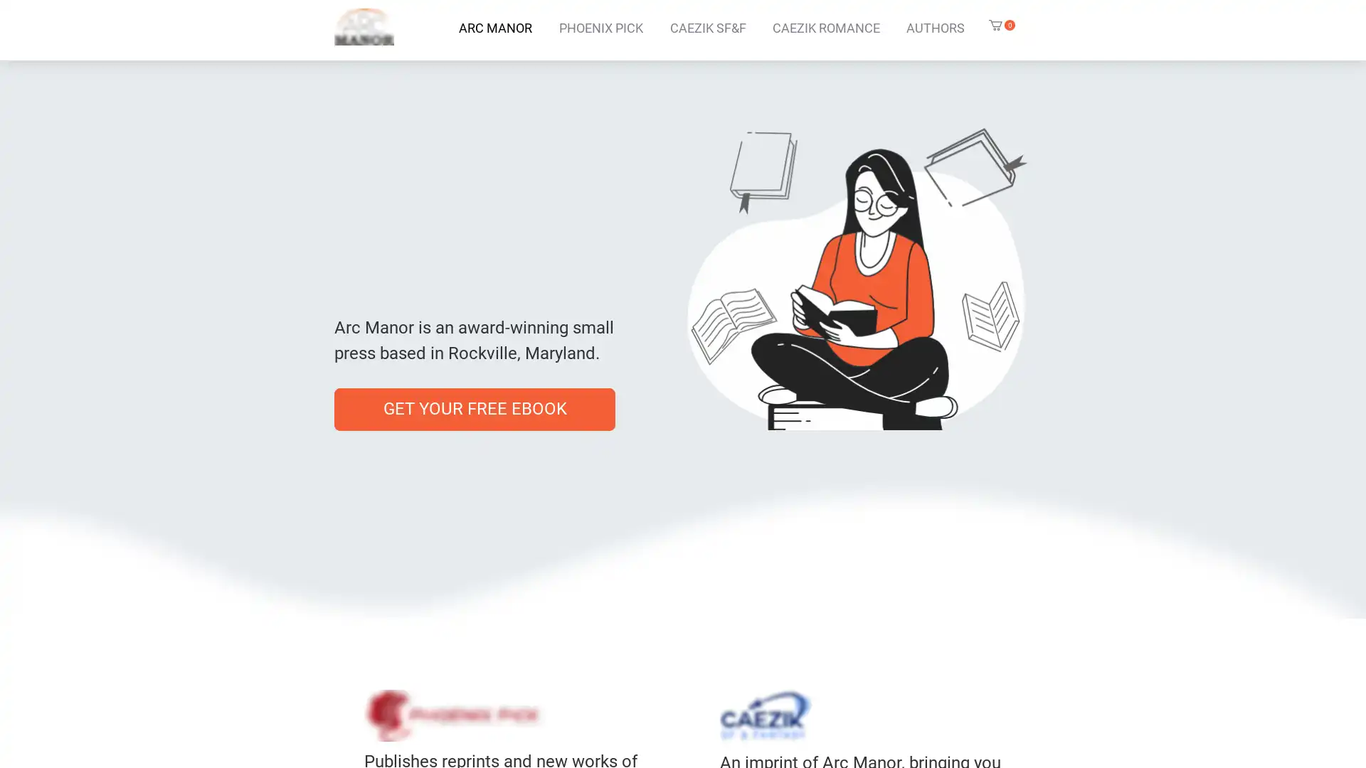  Describe the element at coordinates (1001, 25) in the screenshot. I see `Cart with 0 items` at that location.